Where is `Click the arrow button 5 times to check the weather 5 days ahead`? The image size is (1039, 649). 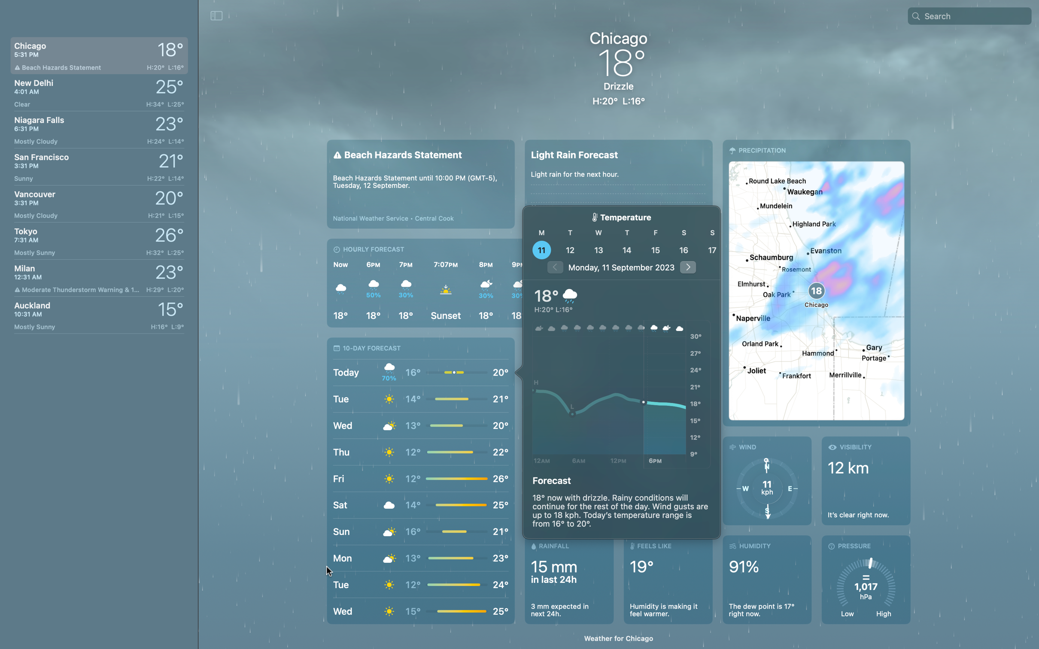 Click the arrow button 5 times to check the weather 5 days ahead is located at coordinates (687, 267).